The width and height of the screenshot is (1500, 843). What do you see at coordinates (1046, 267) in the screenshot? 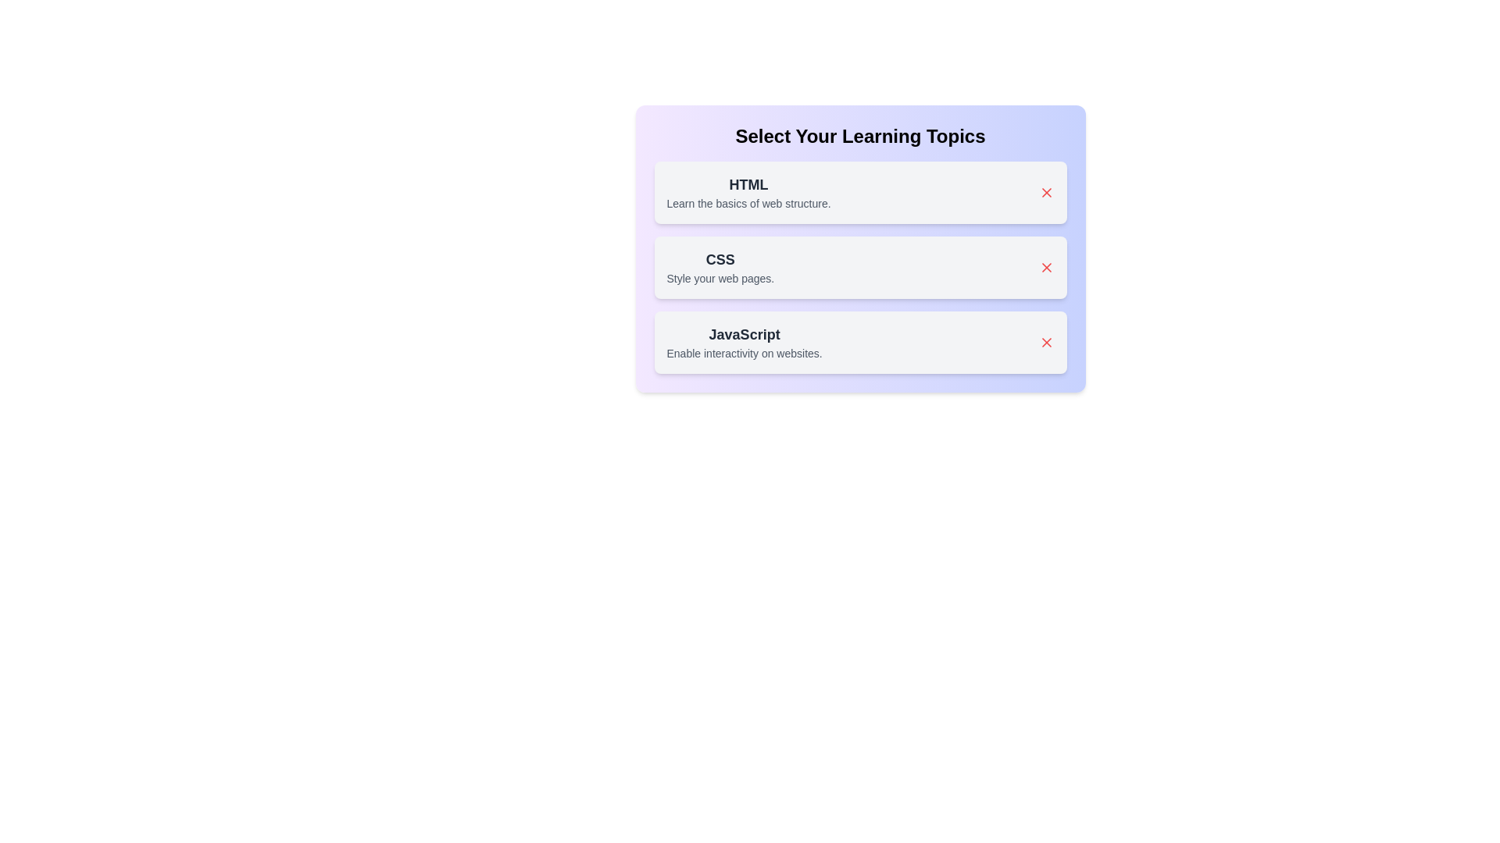
I see `red X button to remove the topic CSS` at bounding box center [1046, 267].